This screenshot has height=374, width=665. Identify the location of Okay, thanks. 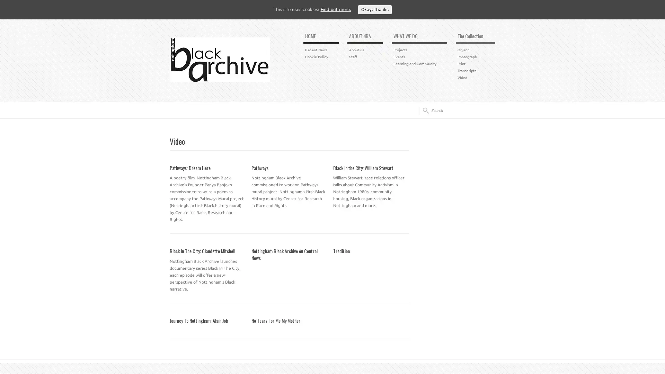
(374, 9).